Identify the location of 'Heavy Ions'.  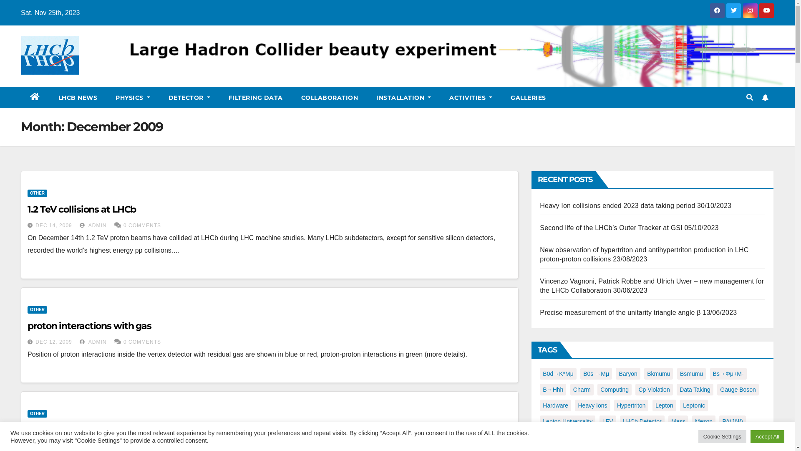
(592, 405).